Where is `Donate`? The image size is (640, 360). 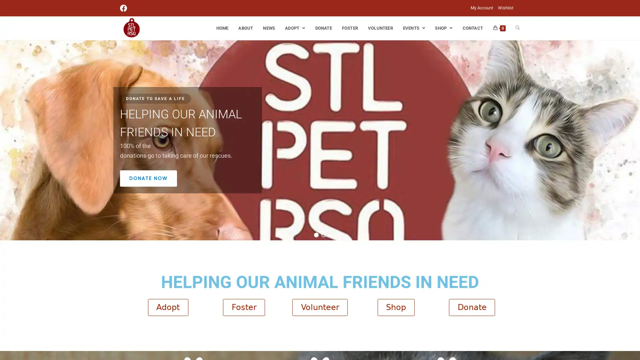 Donate is located at coordinates (472, 307).